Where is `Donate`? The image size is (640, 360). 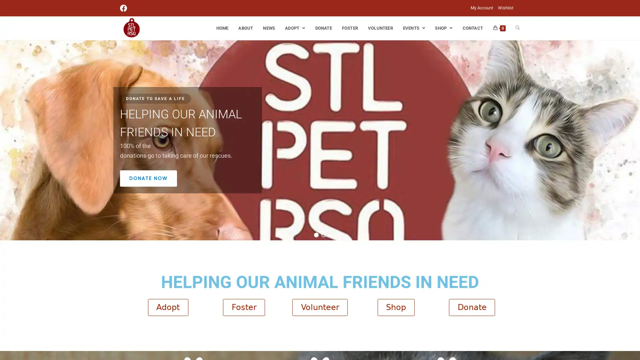 Donate is located at coordinates (472, 307).